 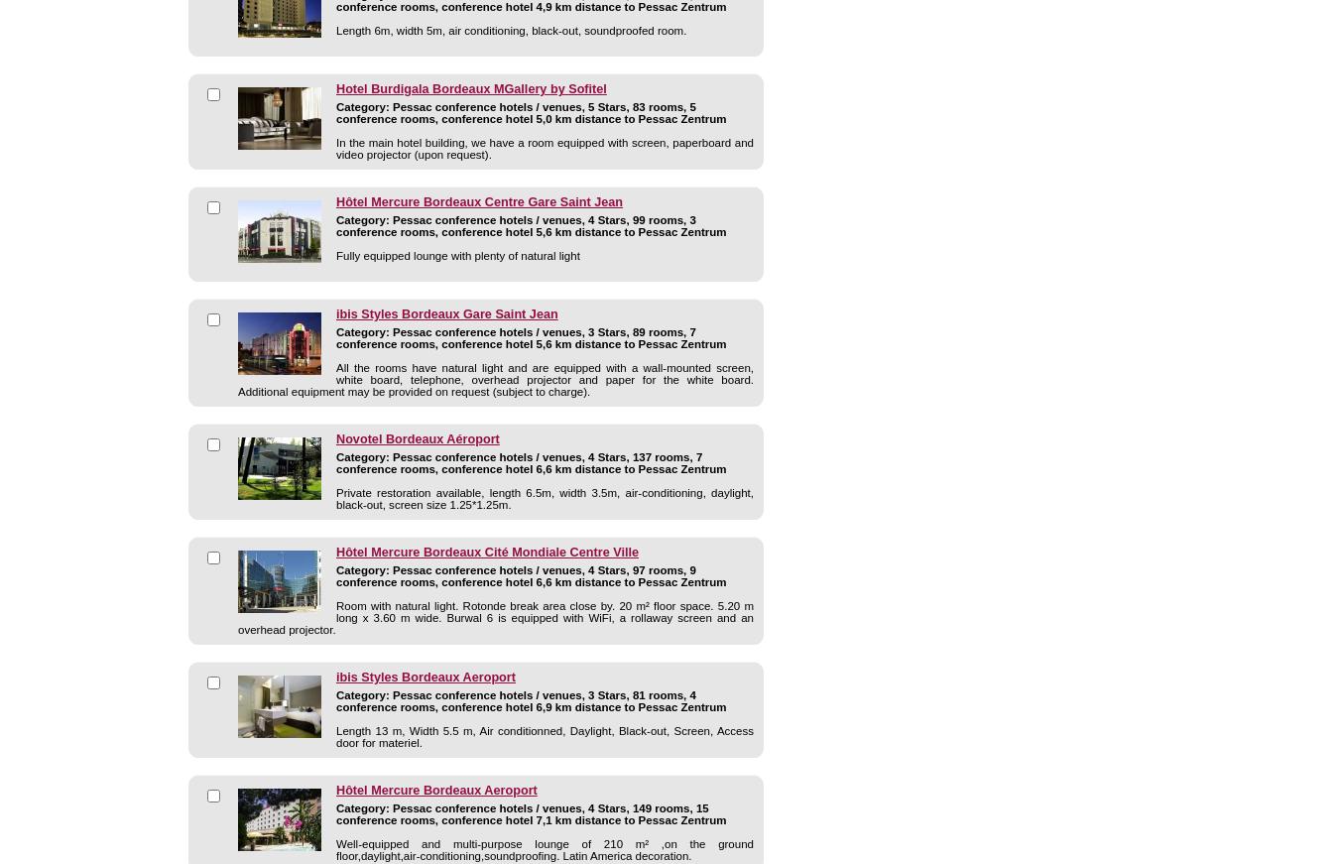 I want to click on 'All the rooms have natural light and are equipped with a wall-mounted screen, white board, telephone, overhead projector and paper for the white board. Additional equipment may be provided on request (subject to charge).', so click(x=495, y=378).